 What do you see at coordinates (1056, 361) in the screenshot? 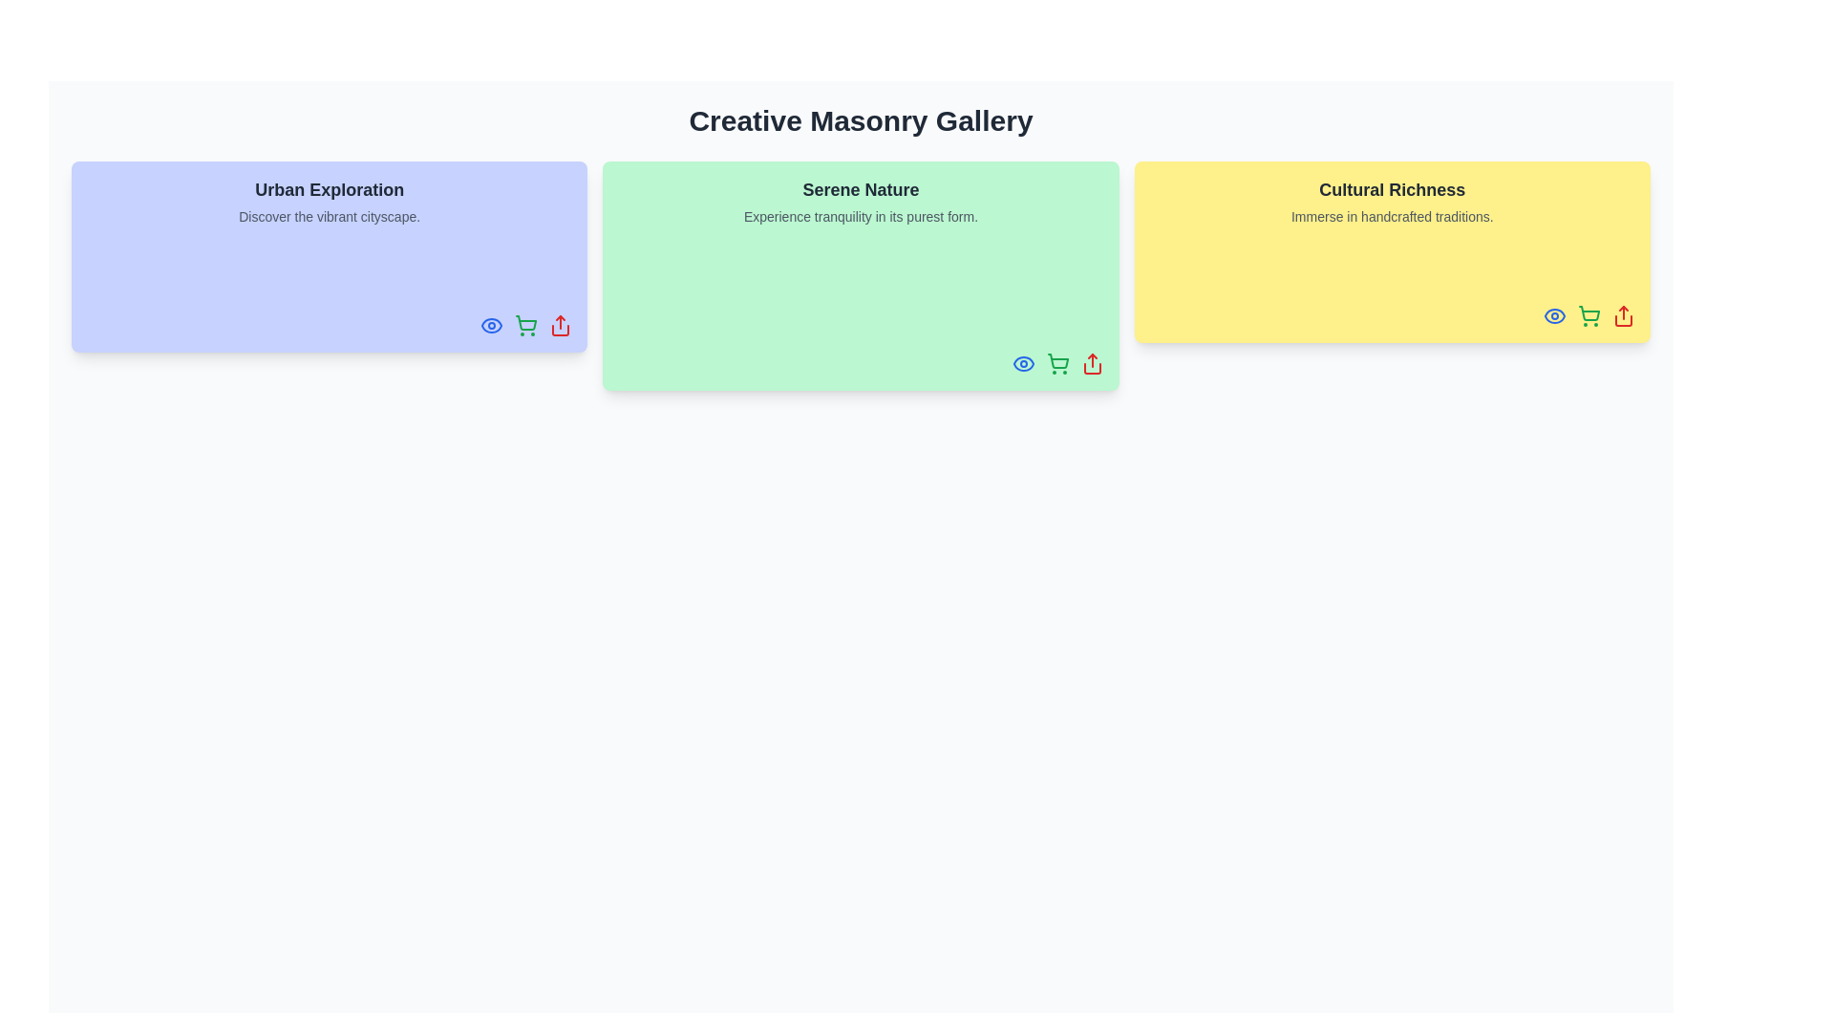
I see `the green shopping cart icon located in the bottom-right segment of the 'Serene Nature' tile` at bounding box center [1056, 361].